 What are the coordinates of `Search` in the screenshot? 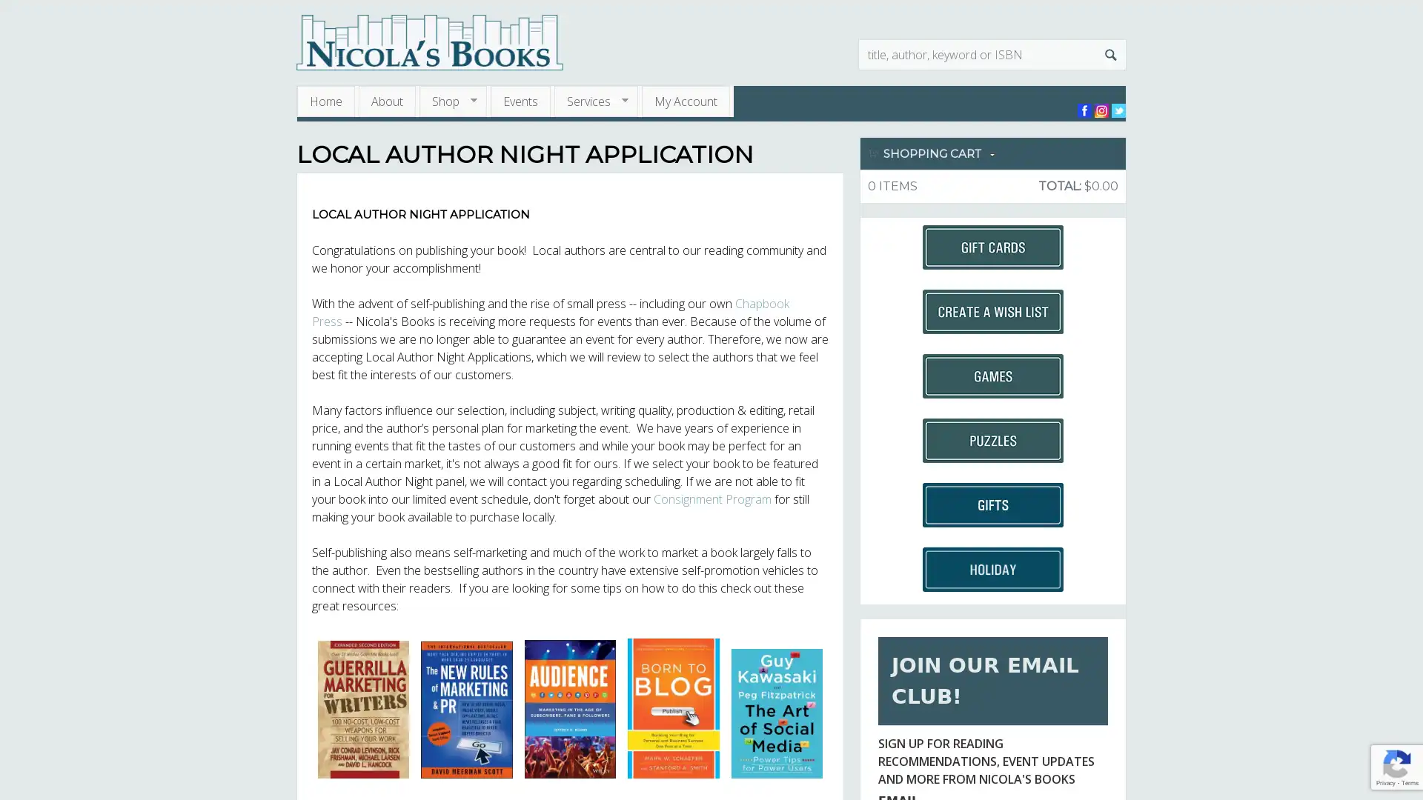 It's located at (1110, 53).